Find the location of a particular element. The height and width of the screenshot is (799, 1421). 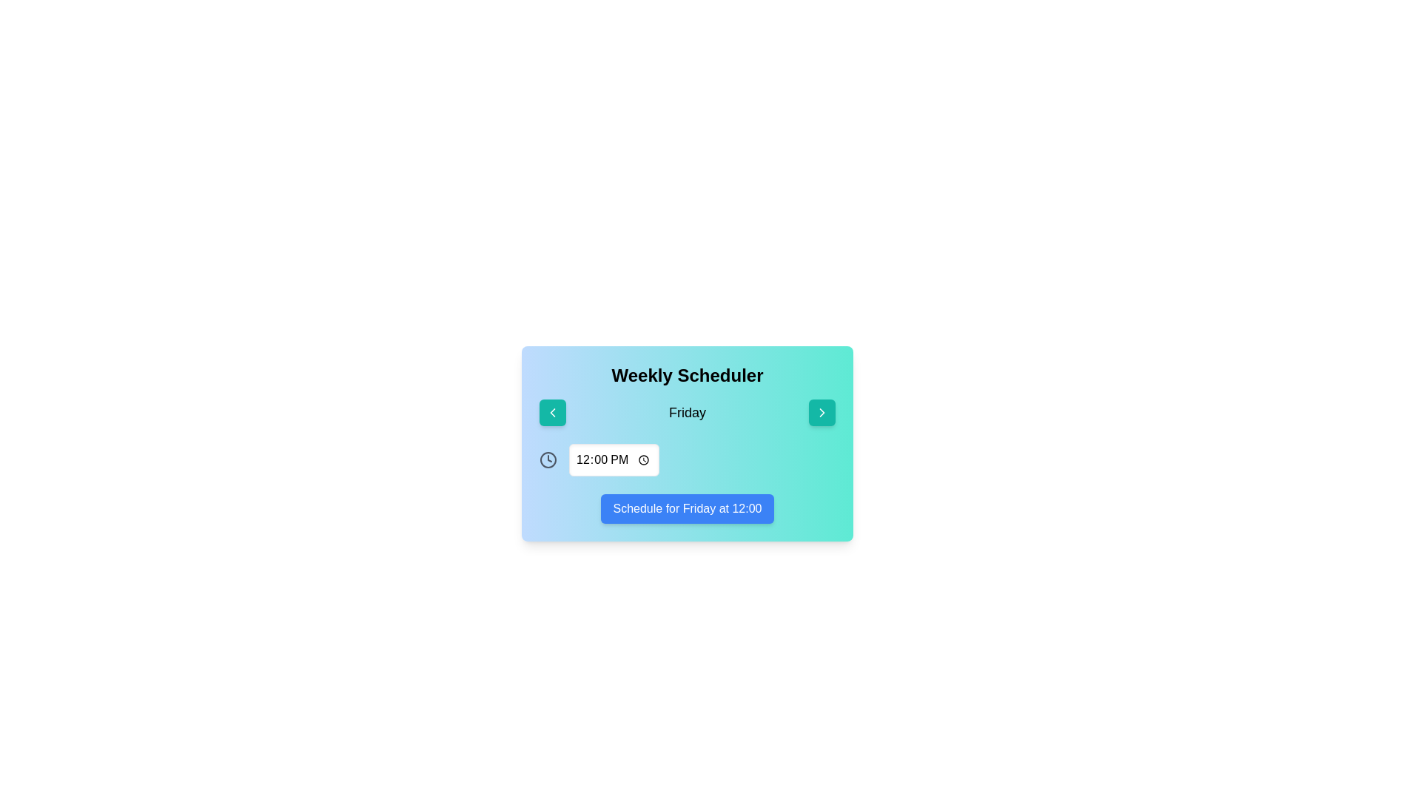

SVG Circle element that is part of the clock icon, located adjacent to the left of the time selection input box in the scheduling interface is located at coordinates (547, 459).